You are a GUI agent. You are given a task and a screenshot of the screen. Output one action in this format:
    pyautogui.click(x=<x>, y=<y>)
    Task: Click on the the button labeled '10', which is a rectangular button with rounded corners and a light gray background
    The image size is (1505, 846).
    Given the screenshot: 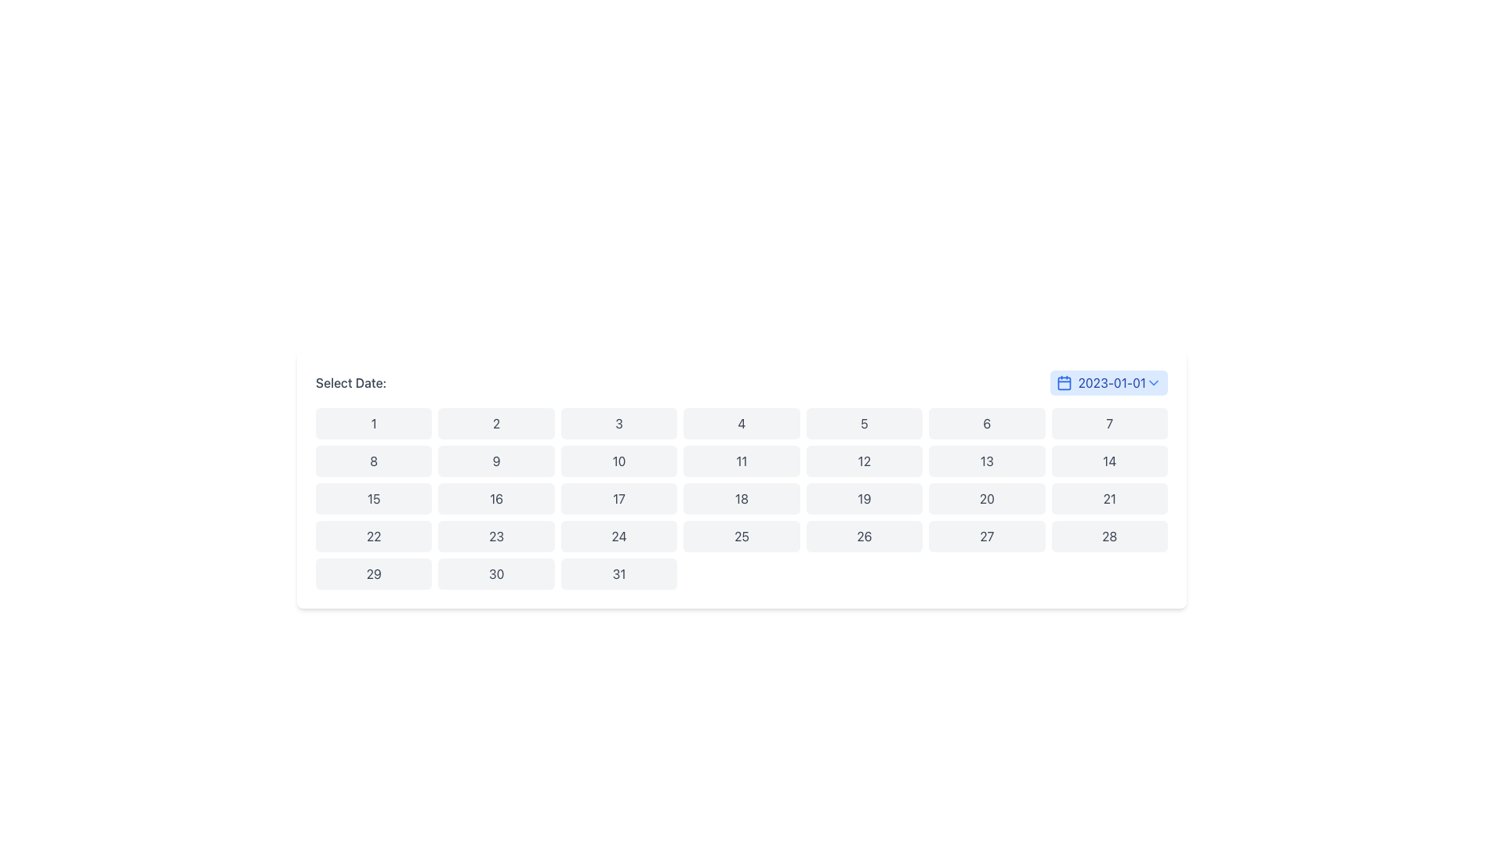 What is the action you would take?
    pyautogui.click(x=618, y=461)
    